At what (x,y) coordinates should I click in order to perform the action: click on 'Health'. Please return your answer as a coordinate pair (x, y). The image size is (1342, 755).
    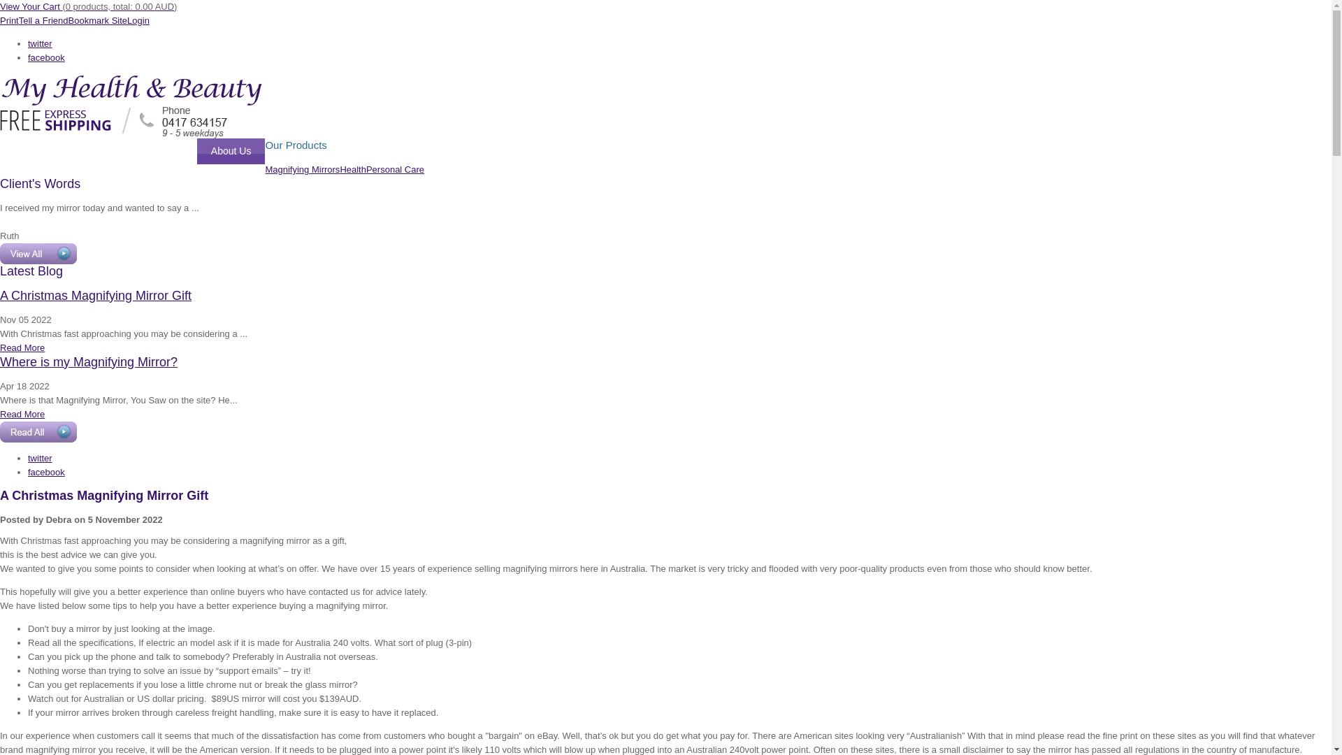
    Looking at the image, I should click on (352, 168).